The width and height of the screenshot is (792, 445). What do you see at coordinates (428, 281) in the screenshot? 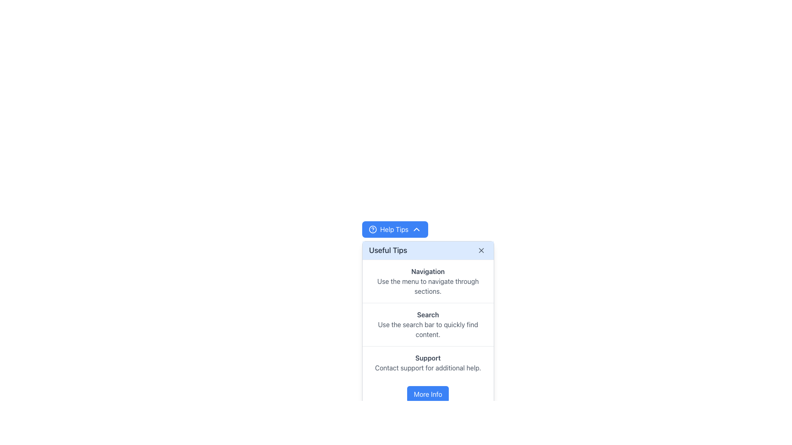
I see `the informational panel item titled 'Navigation' that provides tips on using the menu to navigate through sections` at bounding box center [428, 281].